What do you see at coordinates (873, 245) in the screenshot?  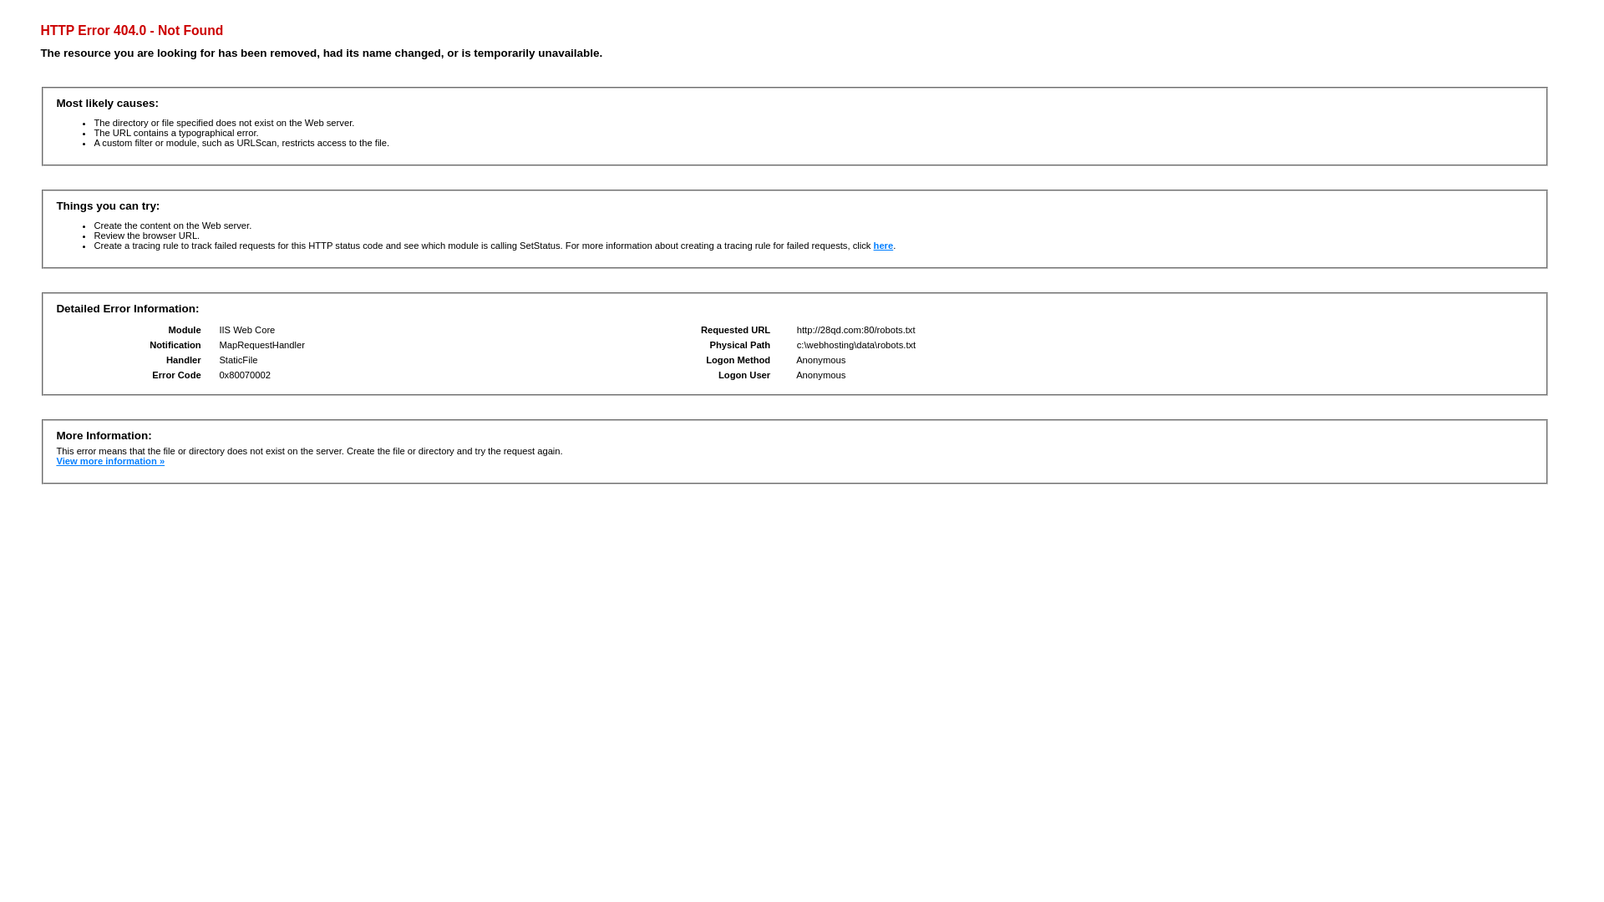 I see `'here'` at bounding box center [873, 245].